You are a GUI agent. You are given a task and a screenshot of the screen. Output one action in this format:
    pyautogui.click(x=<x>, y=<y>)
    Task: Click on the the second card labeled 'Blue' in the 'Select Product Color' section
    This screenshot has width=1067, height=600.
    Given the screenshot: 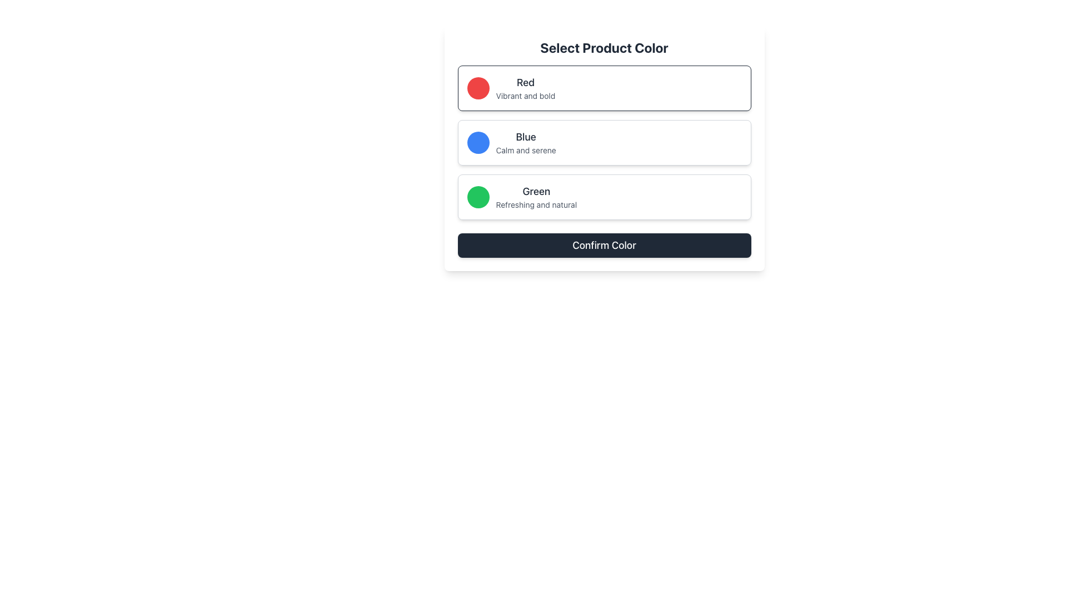 What is the action you would take?
    pyautogui.click(x=604, y=147)
    